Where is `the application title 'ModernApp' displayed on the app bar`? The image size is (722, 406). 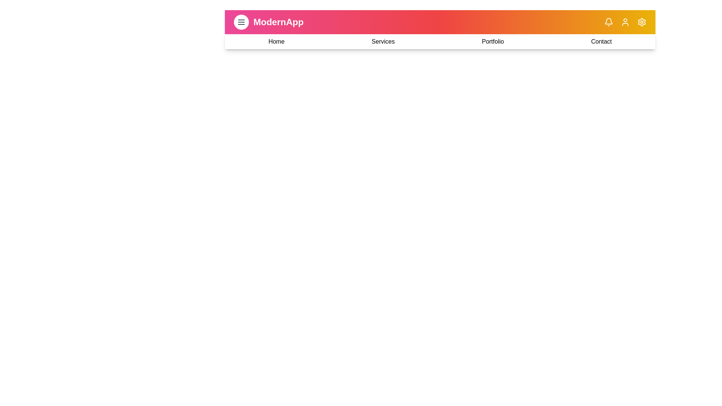
the application title 'ModernApp' displayed on the app bar is located at coordinates (278, 21).